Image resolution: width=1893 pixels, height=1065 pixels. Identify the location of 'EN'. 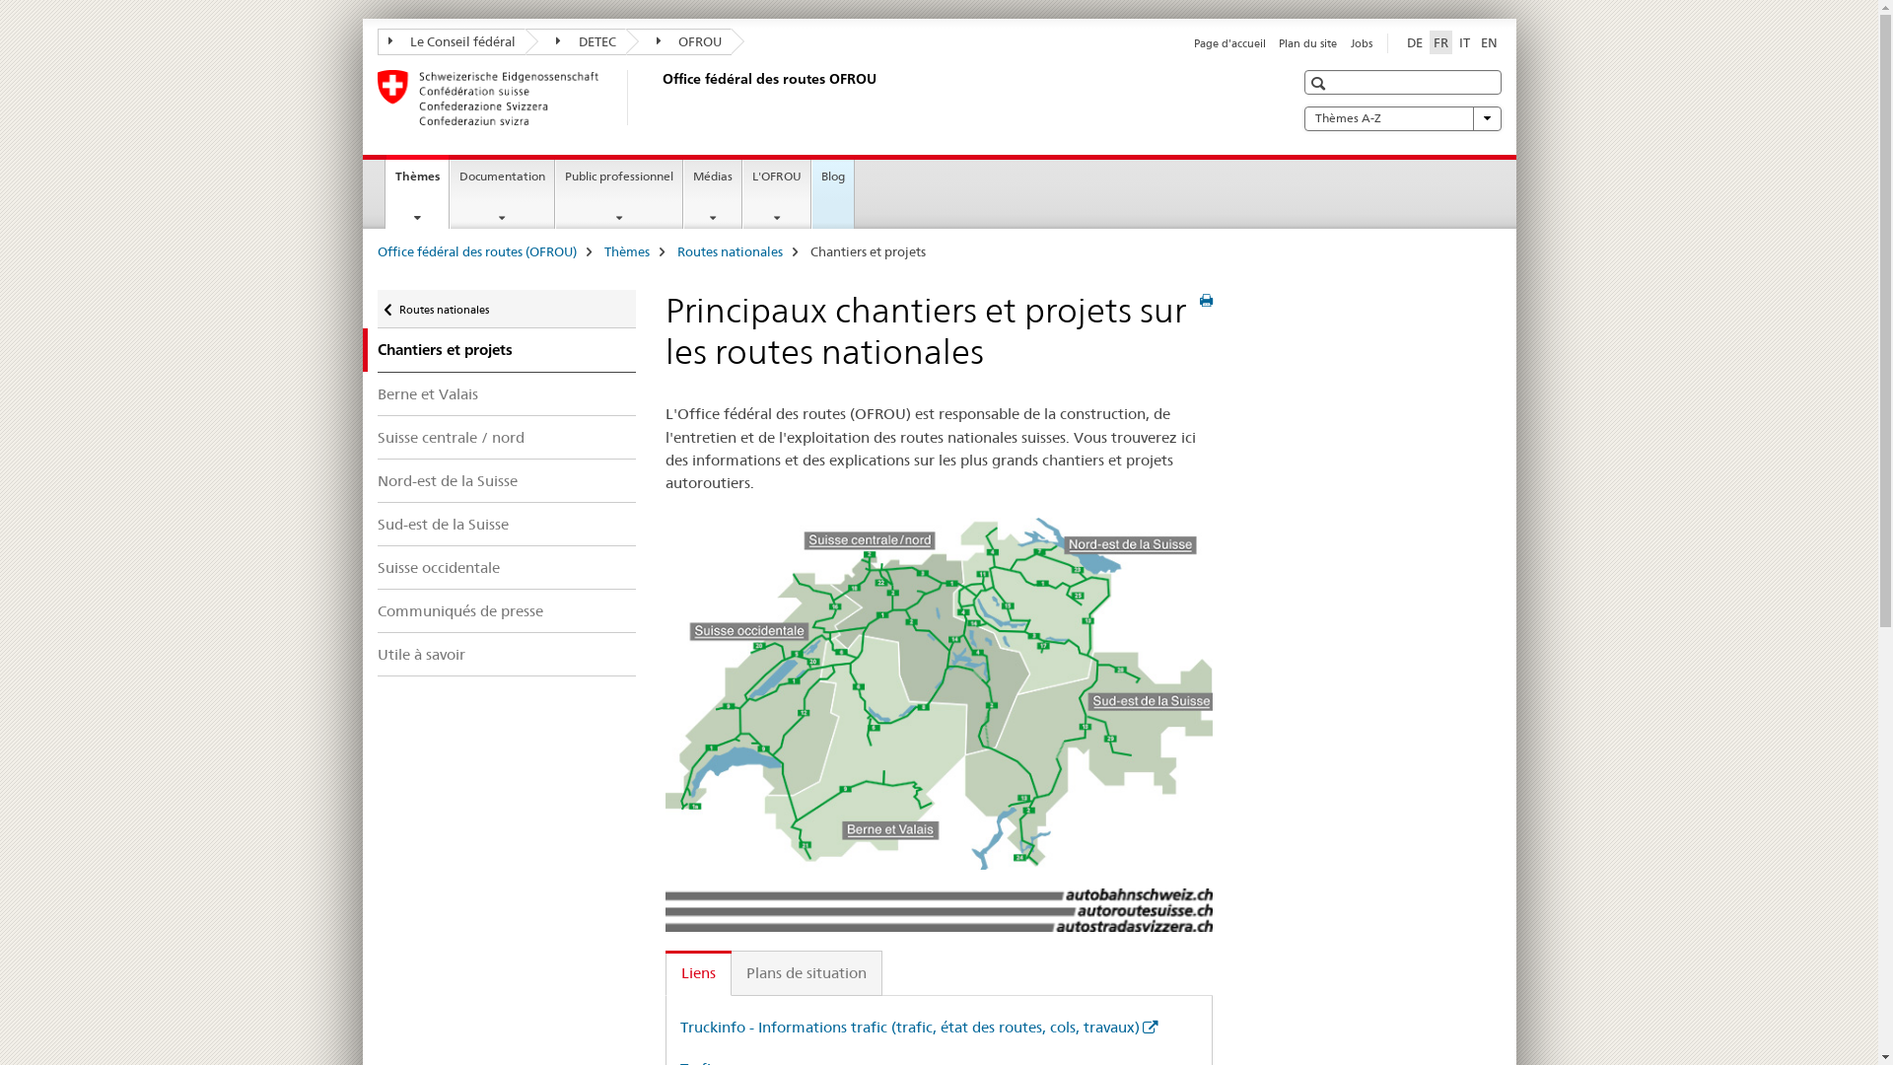
(1489, 41).